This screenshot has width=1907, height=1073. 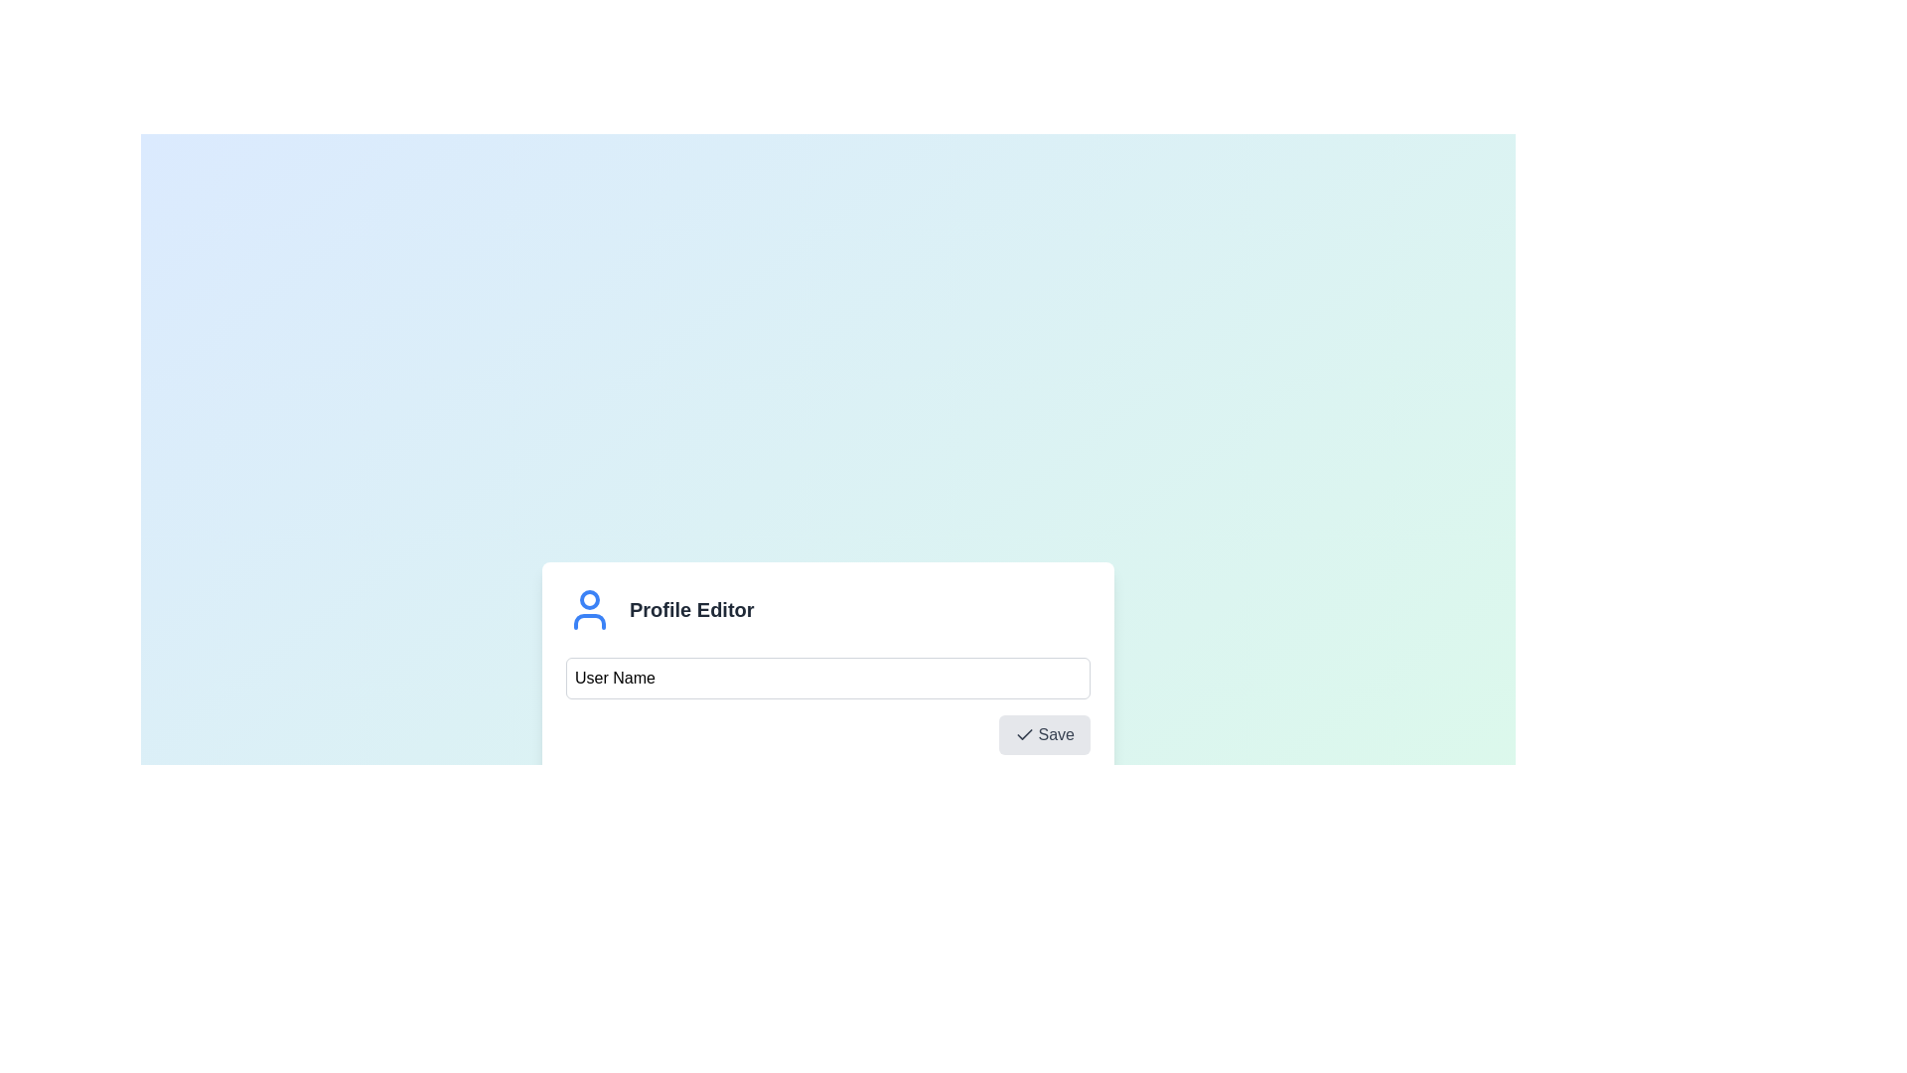 What do you see at coordinates (1024, 735) in the screenshot?
I see `the checkmark icon, which is a thin, gray SVG element located at the top-left corner of the 'Save' button, preceding the 'Save' text label` at bounding box center [1024, 735].